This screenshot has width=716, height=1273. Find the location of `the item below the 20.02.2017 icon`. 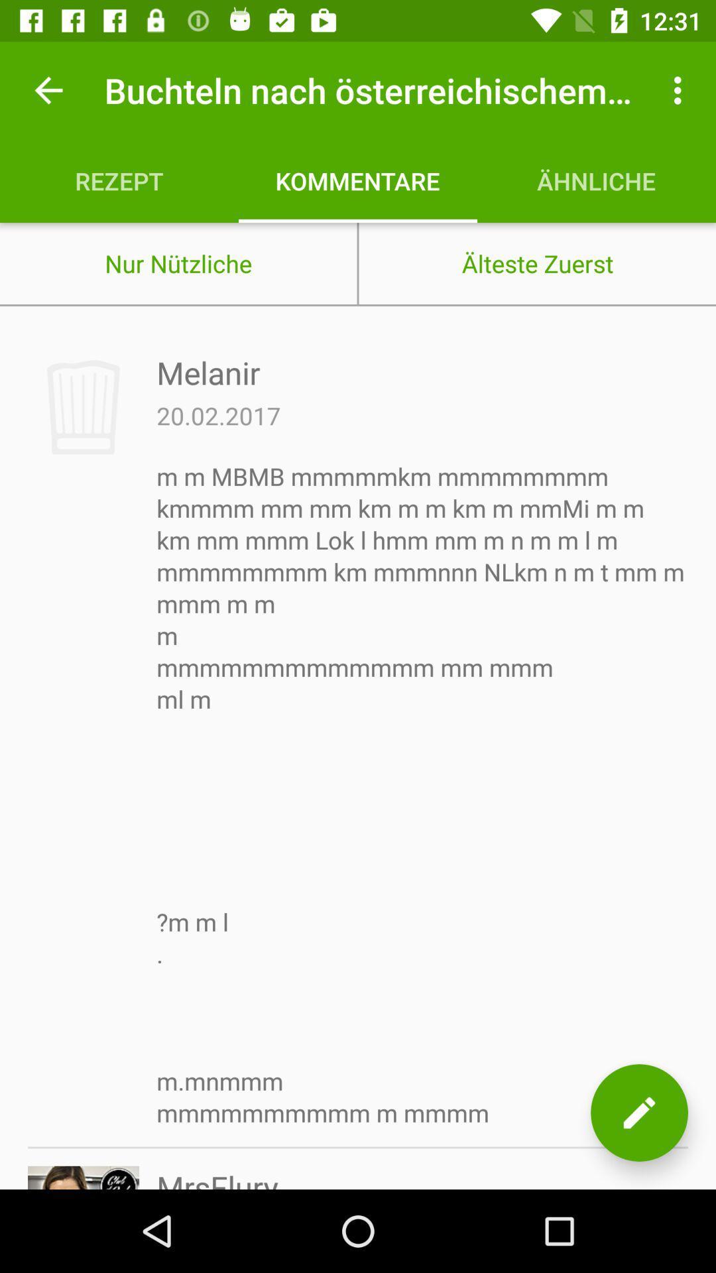

the item below the 20.02.2017 icon is located at coordinates (422, 794).